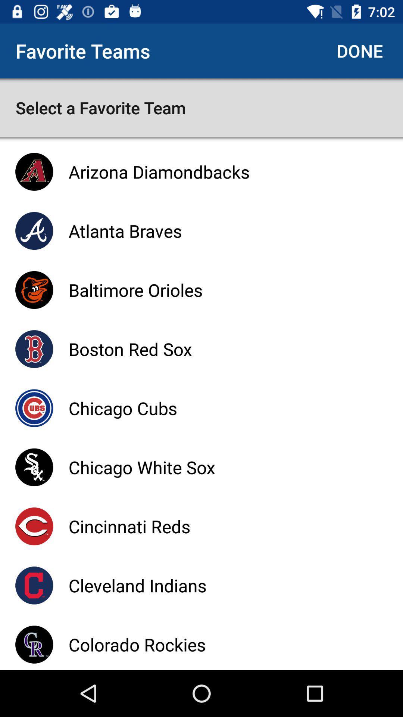  I want to click on the done icon, so click(359, 50).